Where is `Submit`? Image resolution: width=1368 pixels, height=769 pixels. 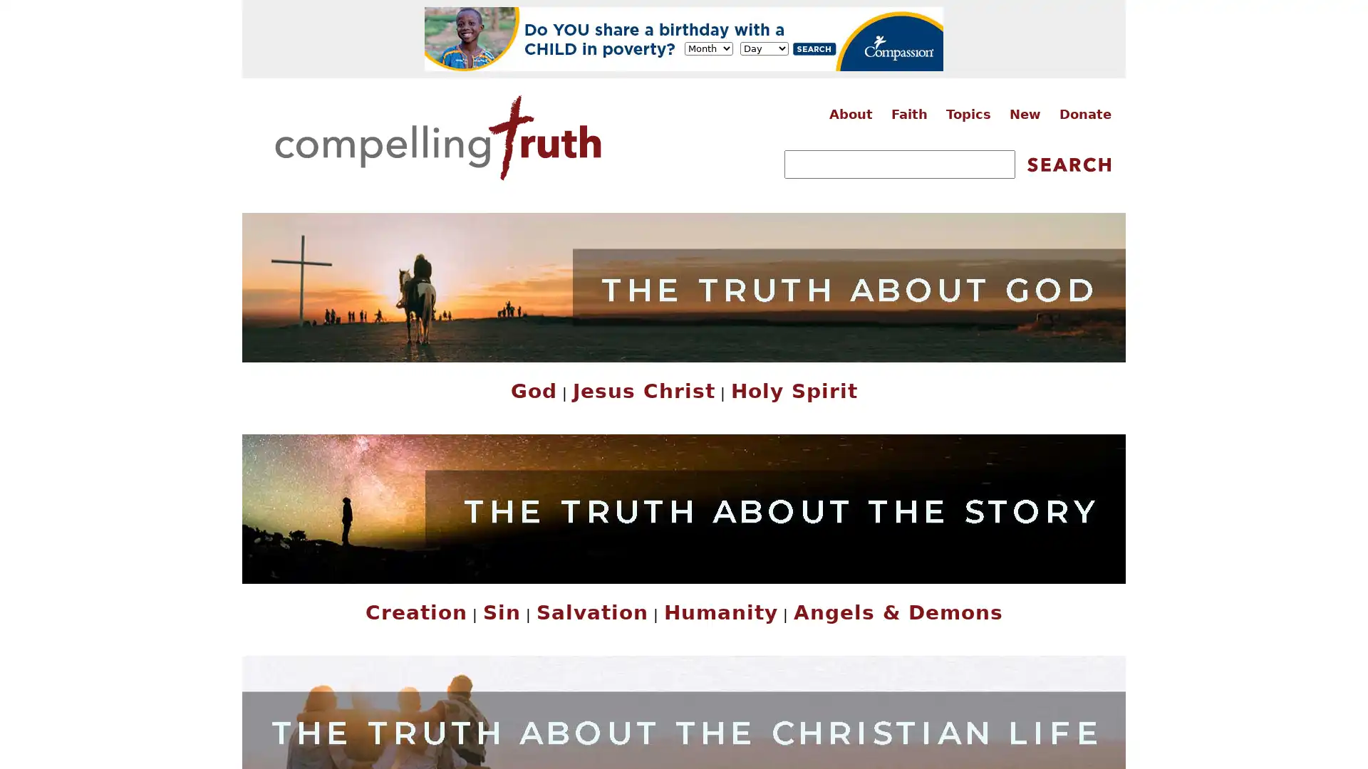 Submit is located at coordinates (1068, 164).